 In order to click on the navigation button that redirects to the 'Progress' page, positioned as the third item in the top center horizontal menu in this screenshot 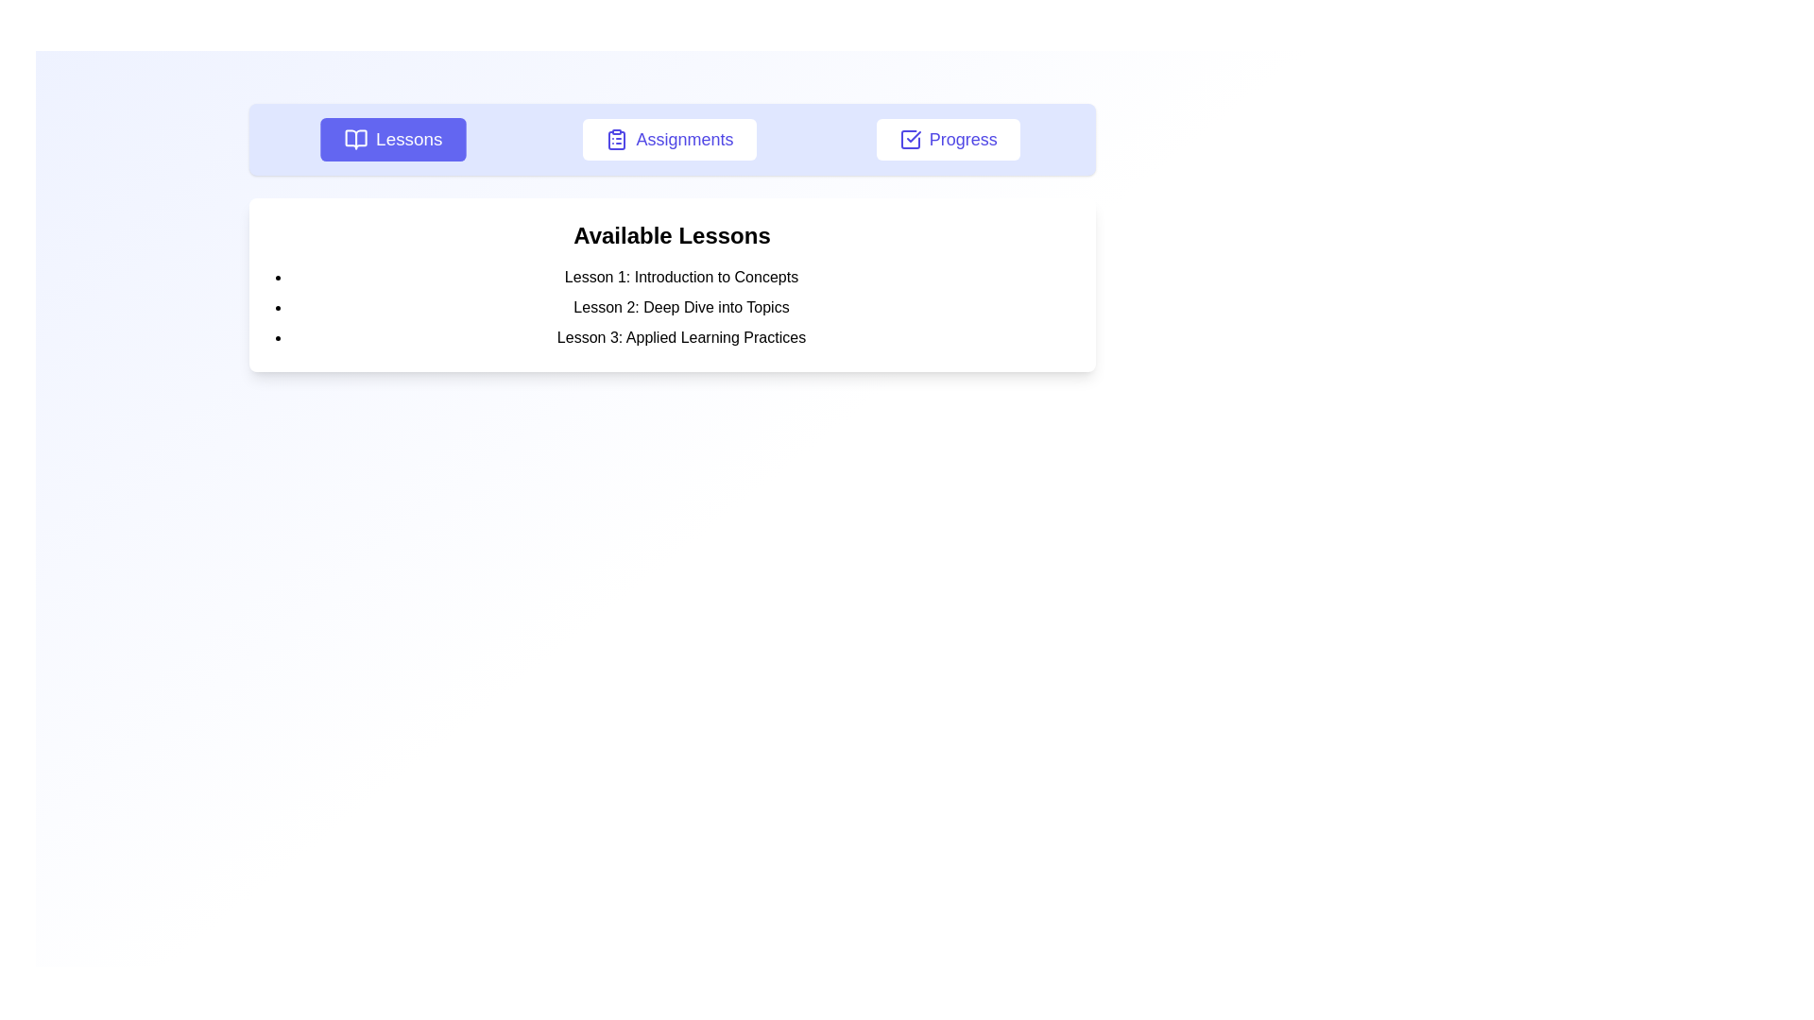, I will do `click(948, 138)`.